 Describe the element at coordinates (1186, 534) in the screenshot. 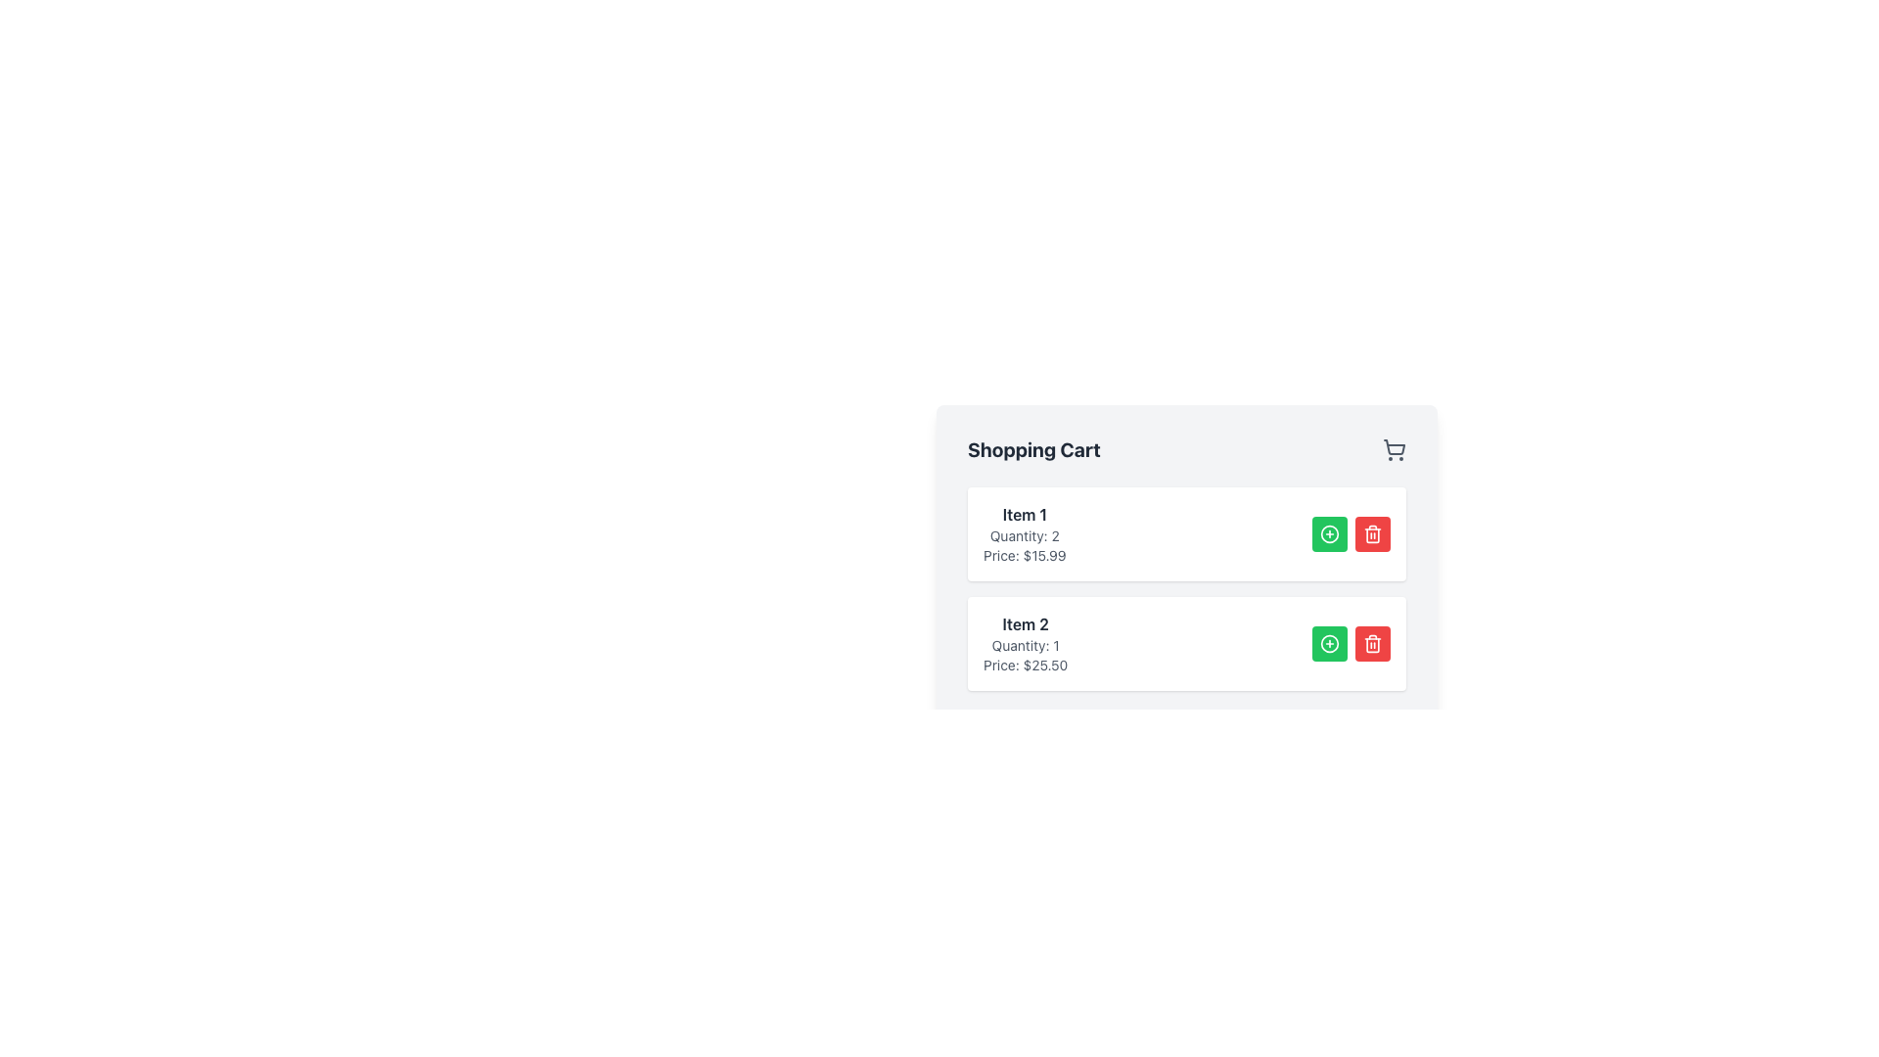

I see `the green button to increase the quantity of the first item in the shopping cart interface, which is styled prominently with the item's name on the left and interactive buttons on the right` at that location.